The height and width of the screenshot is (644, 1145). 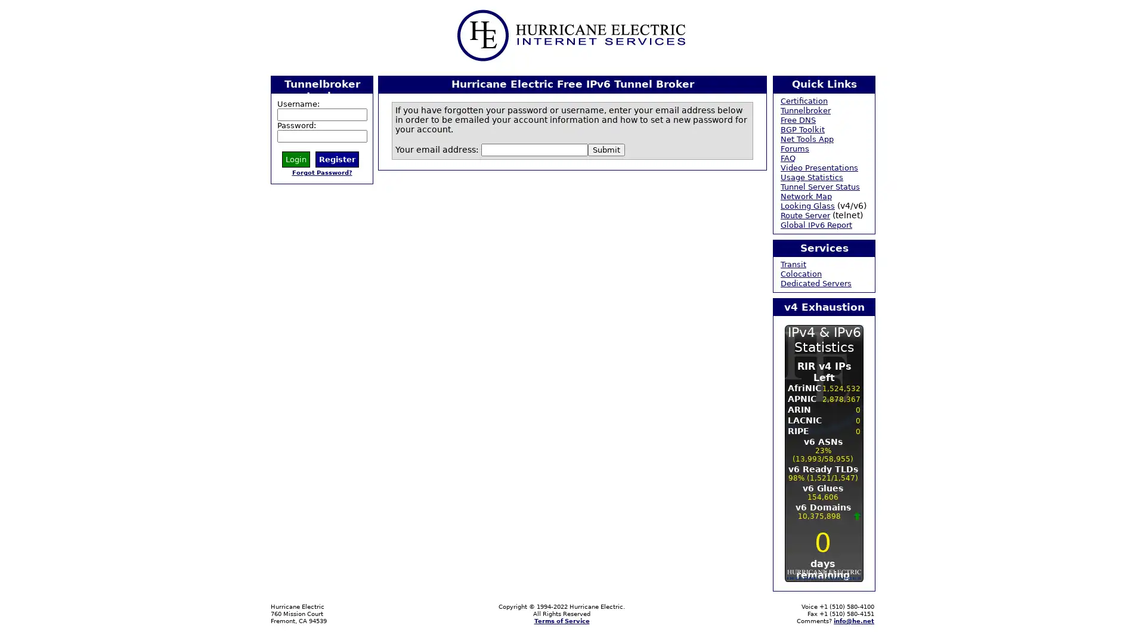 I want to click on Login, so click(x=296, y=158).